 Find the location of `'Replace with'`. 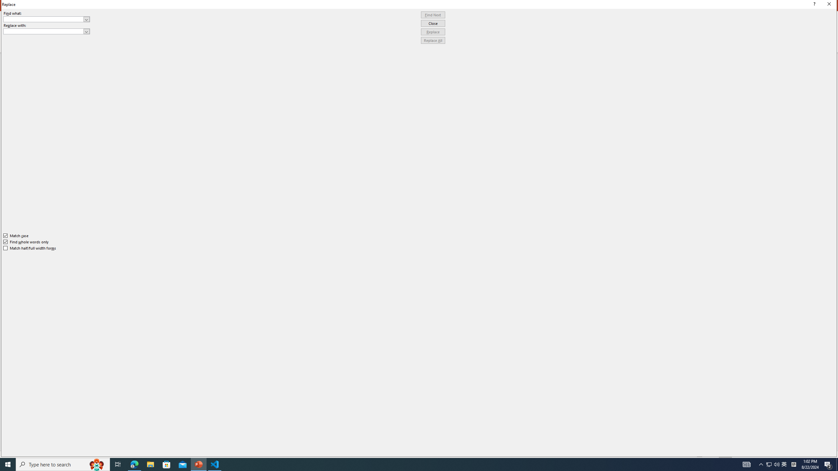

'Replace with' is located at coordinates (46, 31).